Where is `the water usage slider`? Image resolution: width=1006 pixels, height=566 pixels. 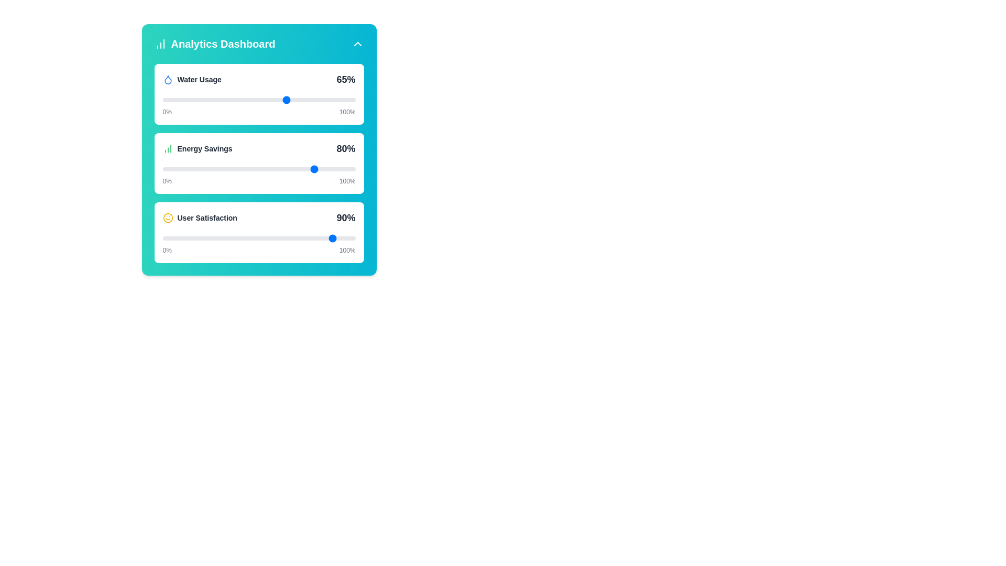
the water usage slider is located at coordinates (172, 100).